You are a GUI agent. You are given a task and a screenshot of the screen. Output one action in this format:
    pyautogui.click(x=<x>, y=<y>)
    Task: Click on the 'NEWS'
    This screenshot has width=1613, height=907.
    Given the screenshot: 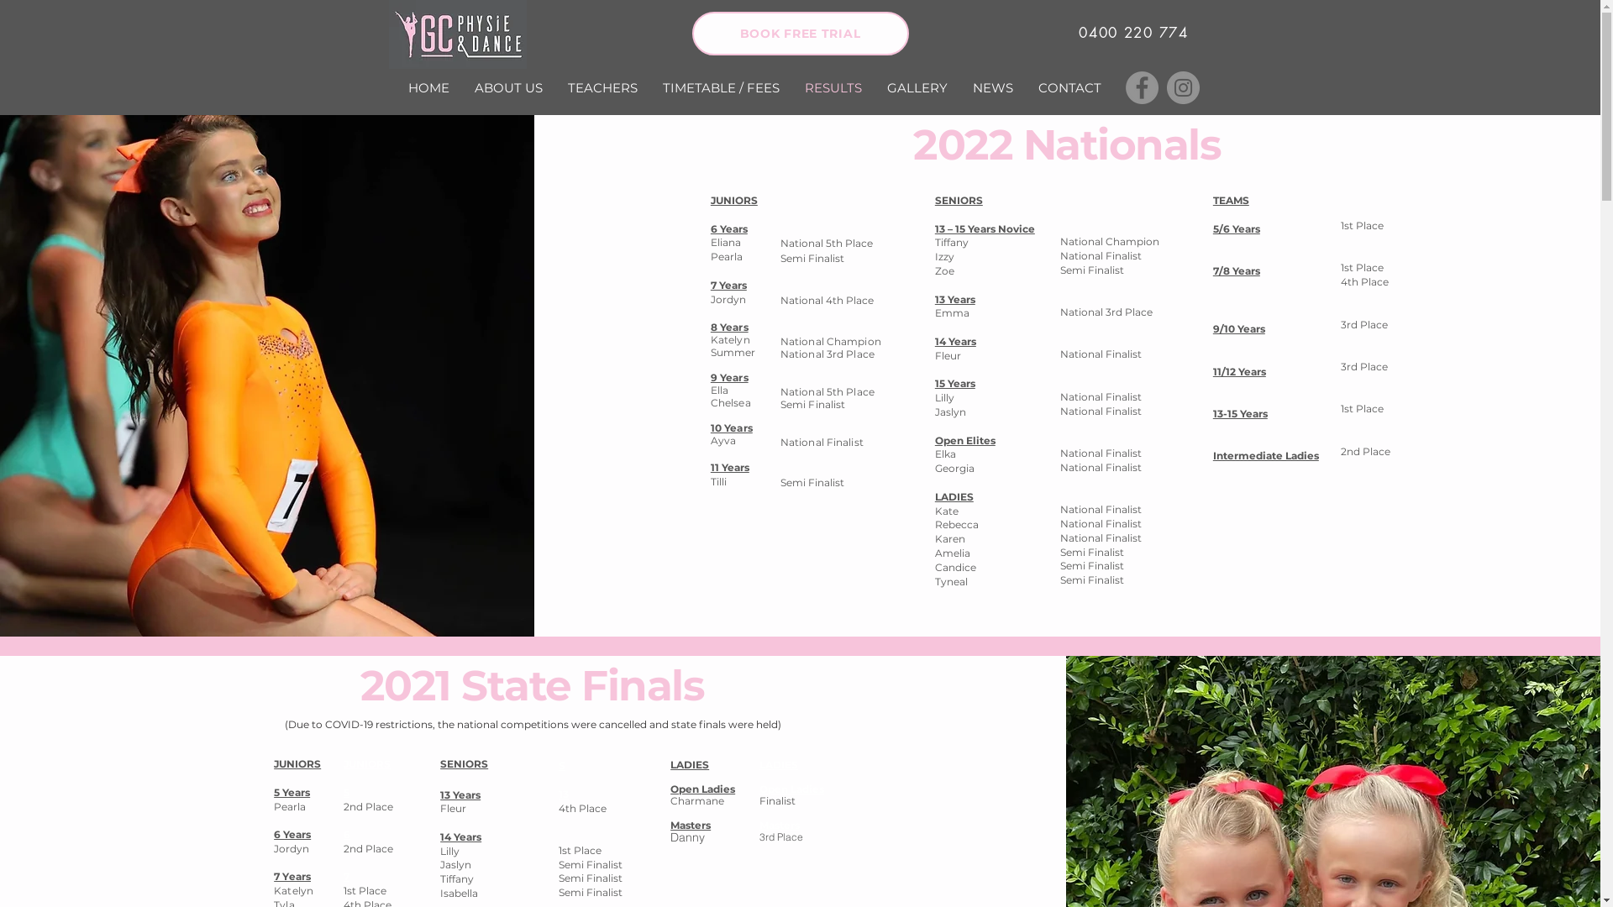 What is the action you would take?
    pyautogui.click(x=991, y=87)
    